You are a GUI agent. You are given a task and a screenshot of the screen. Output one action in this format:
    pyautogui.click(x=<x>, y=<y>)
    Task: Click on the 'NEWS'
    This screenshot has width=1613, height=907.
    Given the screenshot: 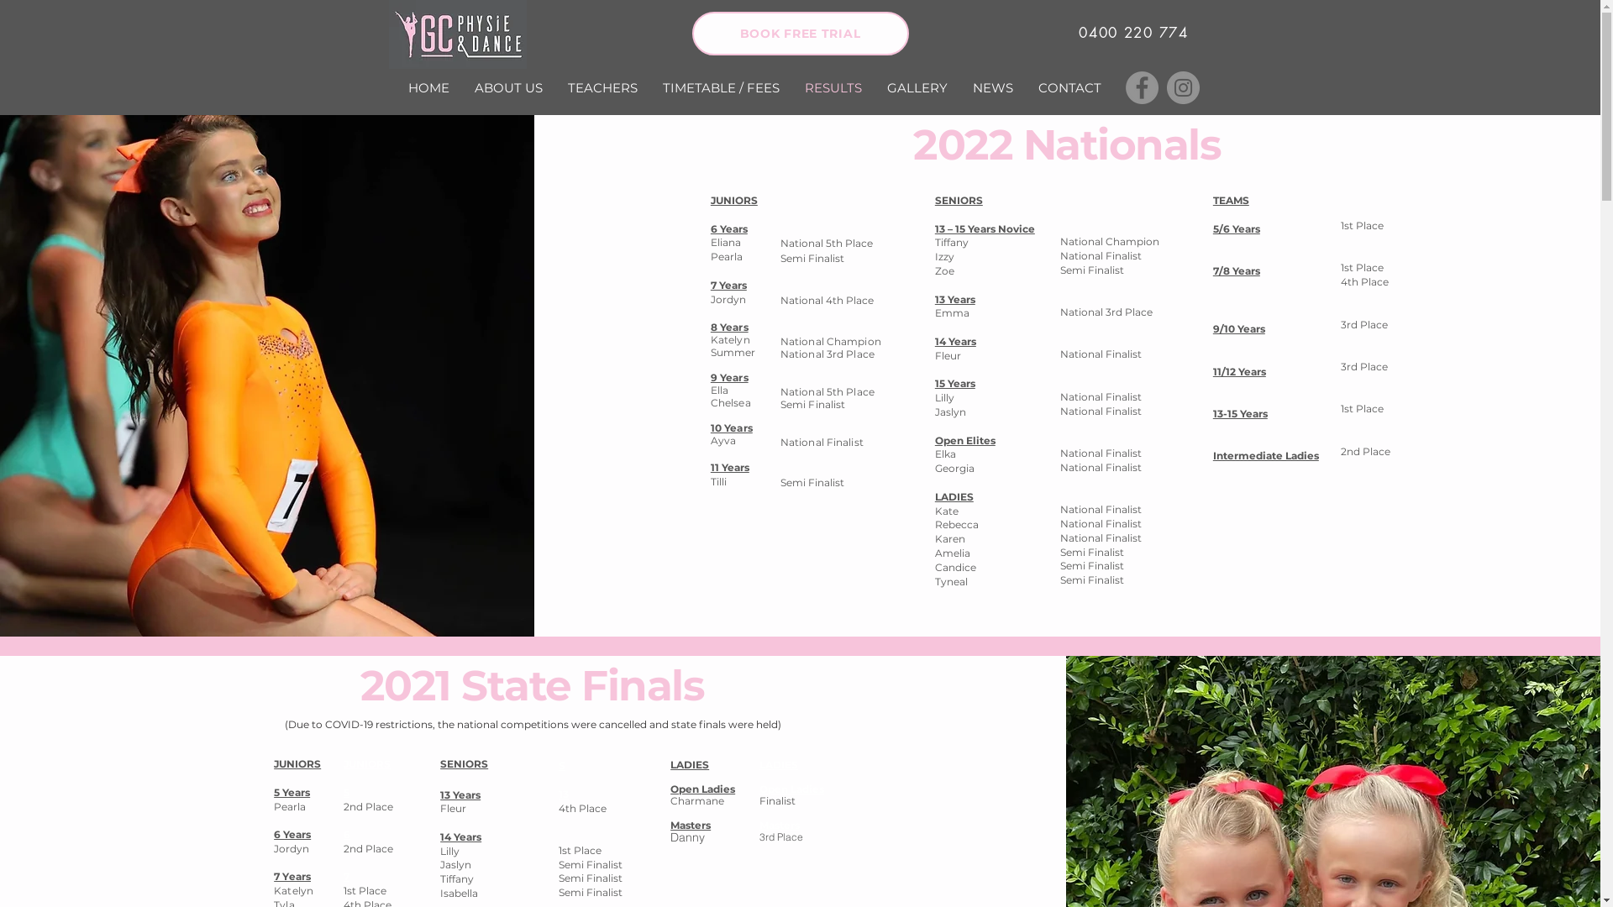 What is the action you would take?
    pyautogui.click(x=991, y=87)
    